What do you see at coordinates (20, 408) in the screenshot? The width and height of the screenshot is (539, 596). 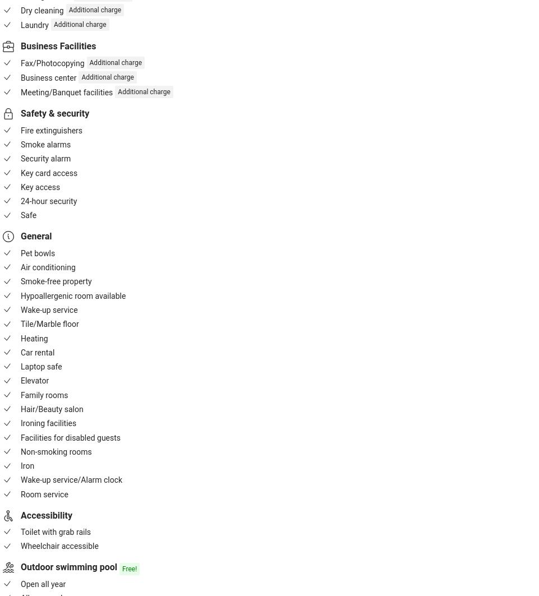 I see `'Hair/Beauty salon'` at bounding box center [20, 408].